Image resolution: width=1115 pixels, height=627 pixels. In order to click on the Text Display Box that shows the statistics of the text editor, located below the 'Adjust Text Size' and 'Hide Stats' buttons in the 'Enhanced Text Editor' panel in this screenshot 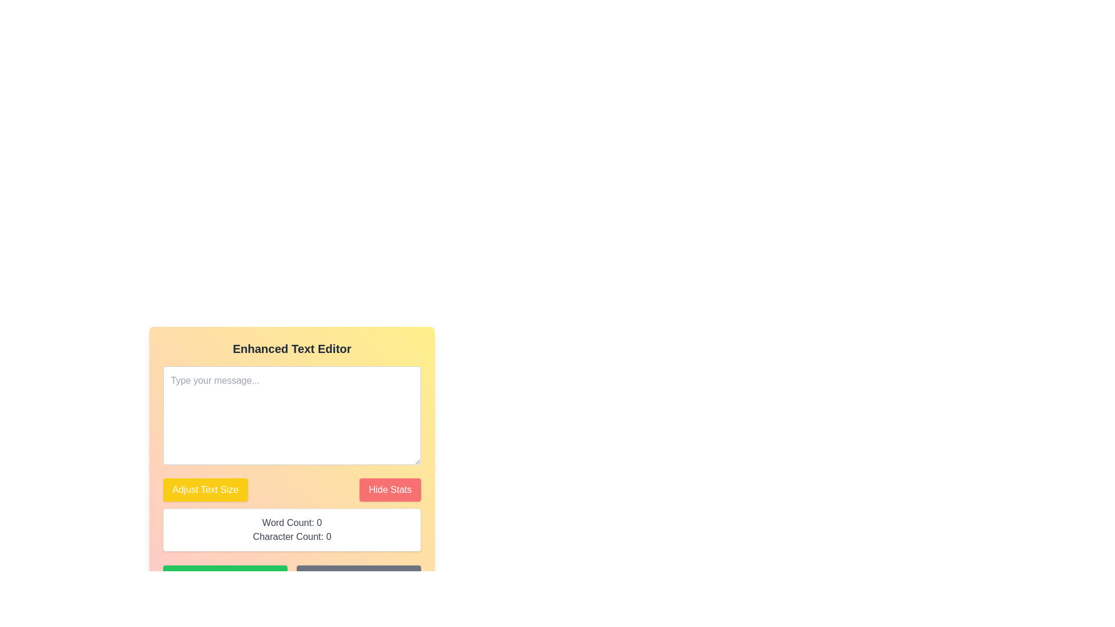, I will do `click(292, 530)`.